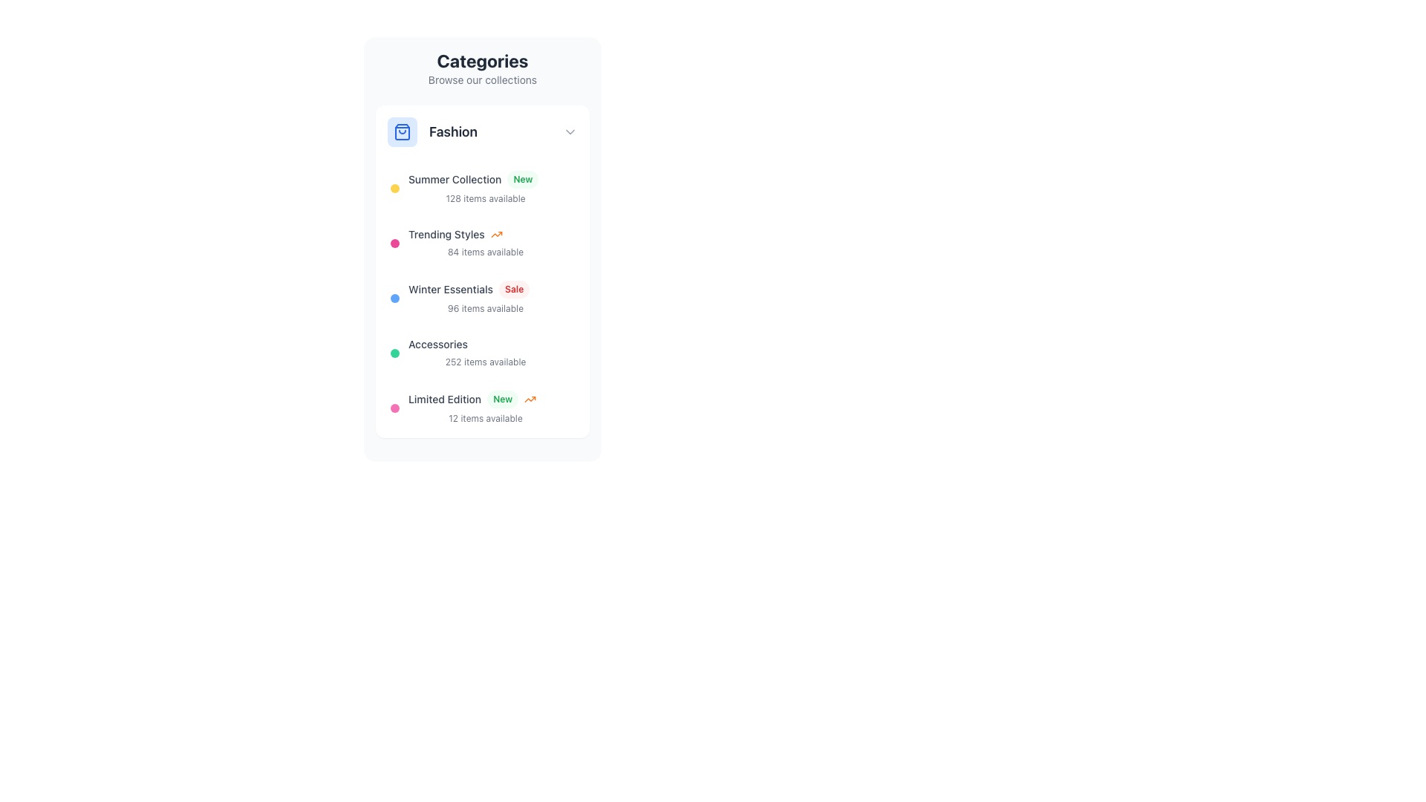 The height and width of the screenshot is (802, 1426). Describe the element at coordinates (449, 289) in the screenshot. I see `the 'Winter Essentials' text label, which is styled in gray and transitions to blue on hover, located within the 'Fashion' category block` at that location.